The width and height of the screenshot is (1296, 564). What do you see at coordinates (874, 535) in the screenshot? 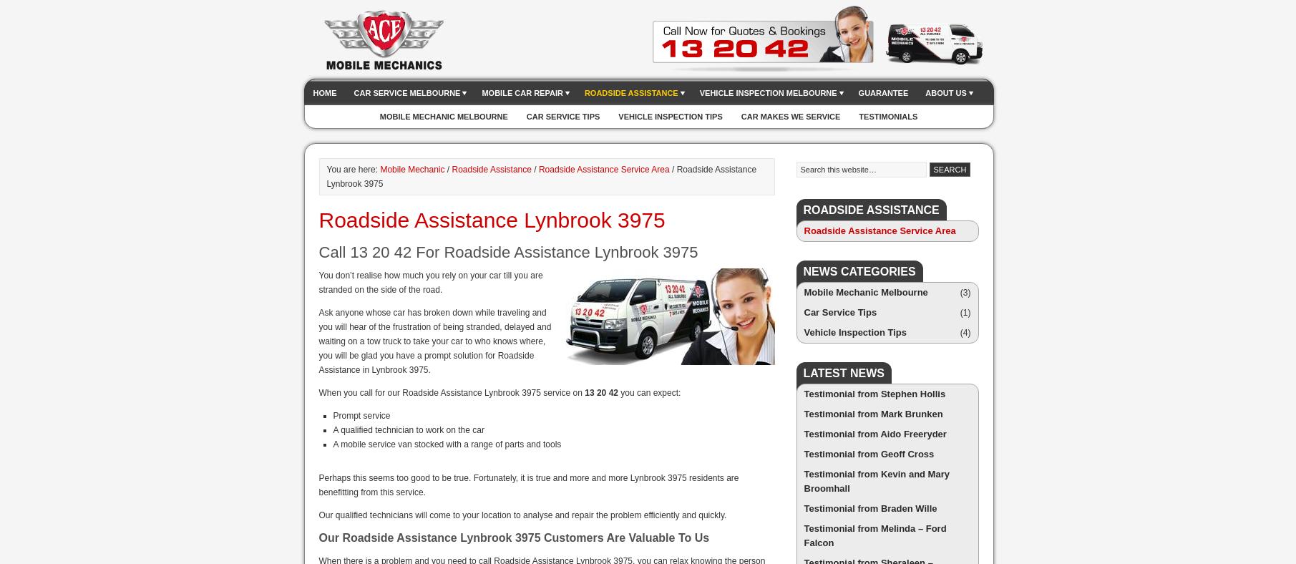
I see `'Testimonial from Melinda – Ford Falcon'` at bounding box center [874, 535].